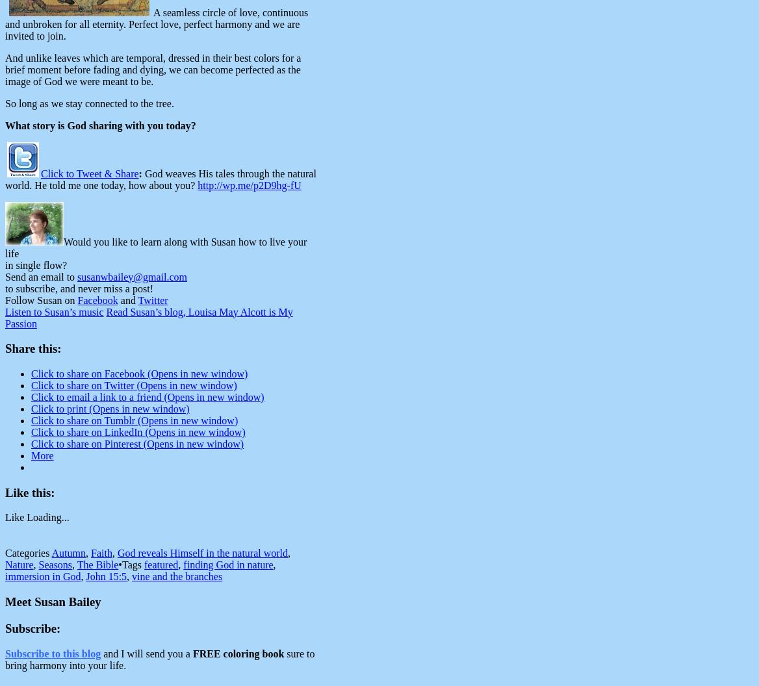  Describe the element at coordinates (139, 373) in the screenshot. I see `'Click to share on Facebook (Opens in new window)'` at that location.